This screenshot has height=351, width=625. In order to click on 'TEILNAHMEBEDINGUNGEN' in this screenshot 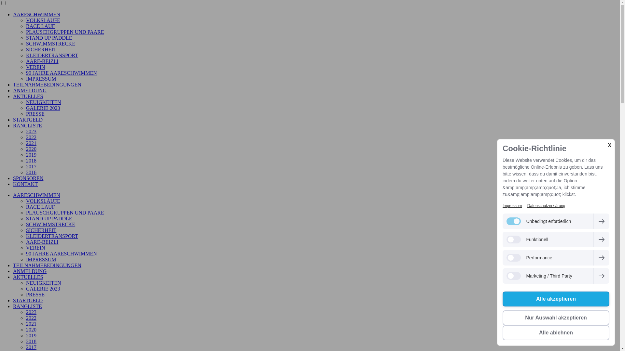, I will do `click(13, 265)`.